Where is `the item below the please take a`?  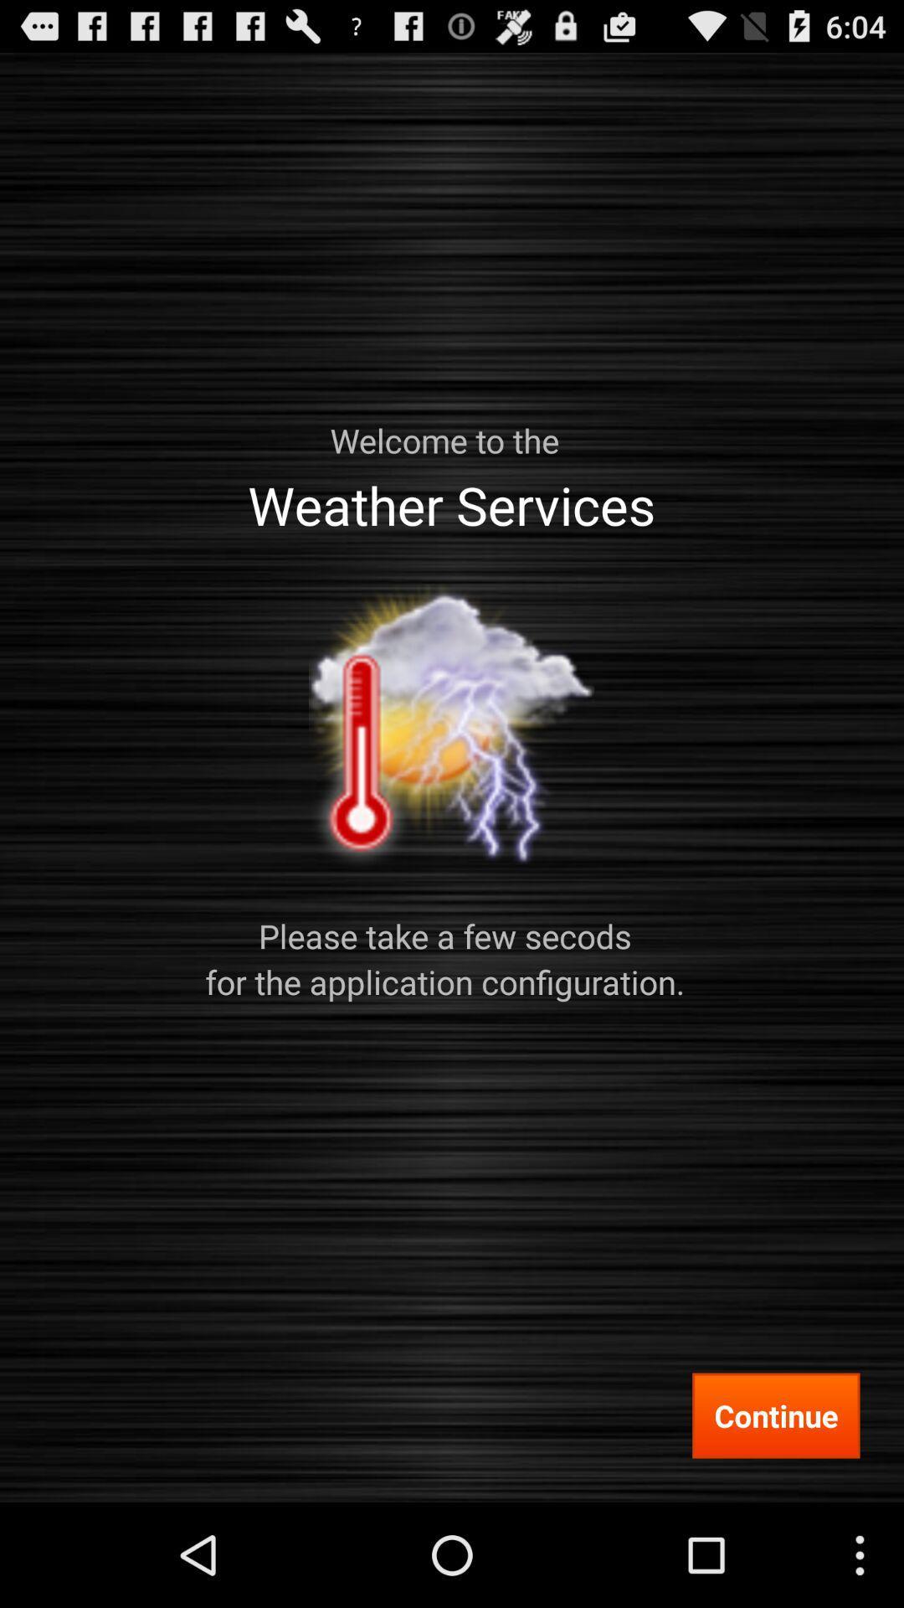 the item below the please take a is located at coordinates (776, 1415).